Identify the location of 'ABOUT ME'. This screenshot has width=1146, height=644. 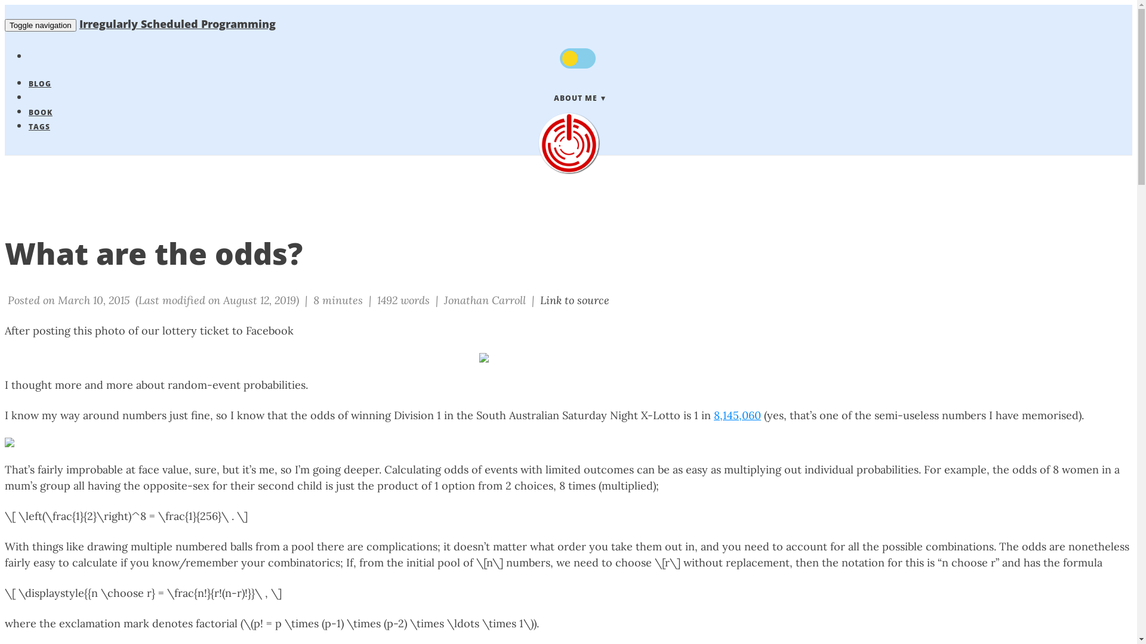
(553, 97).